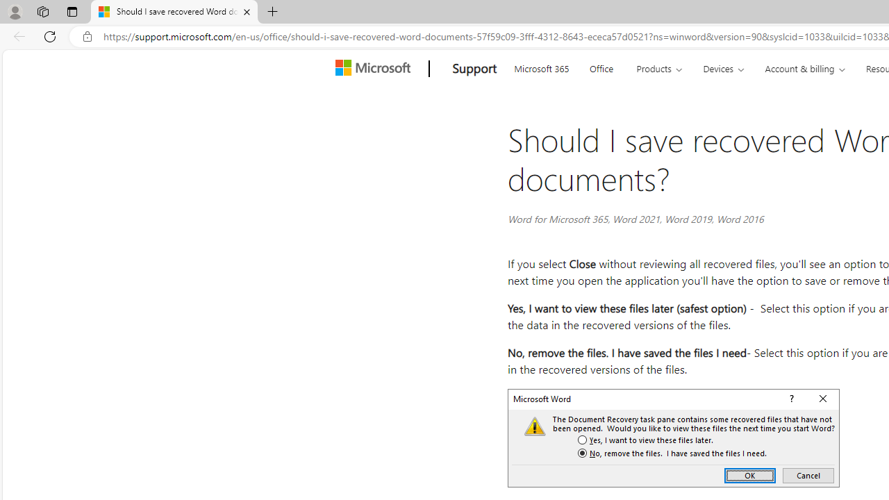  Describe the element at coordinates (376, 69) in the screenshot. I see `'Microsoft'` at that location.